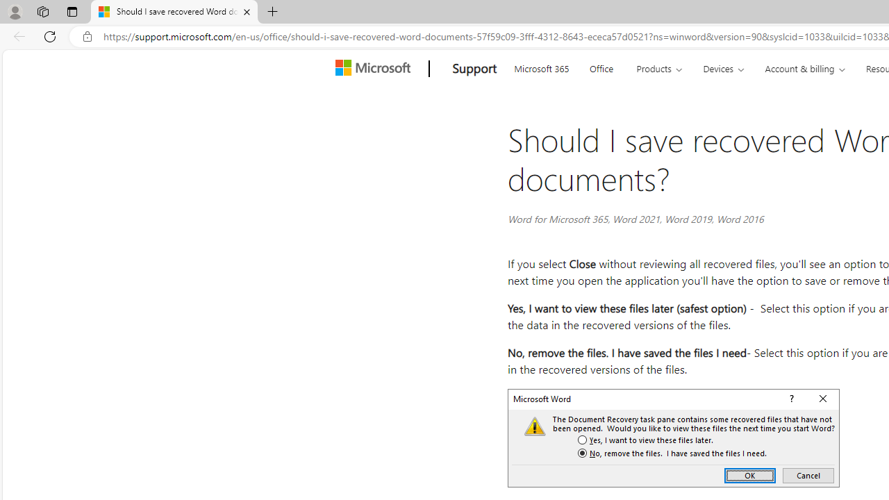  Describe the element at coordinates (376, 69) in the screenshot. I see `'Microsoft'` at that location.